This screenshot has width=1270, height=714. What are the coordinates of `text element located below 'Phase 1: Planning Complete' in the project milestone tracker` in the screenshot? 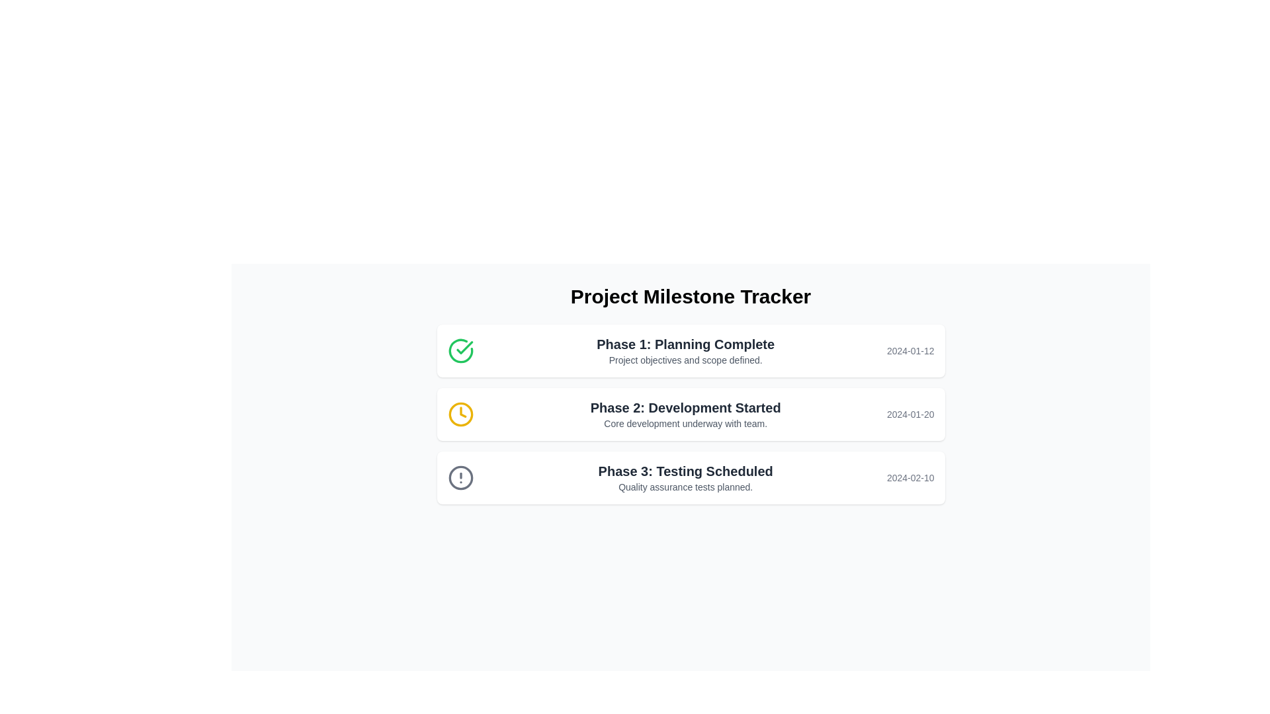 It's located at (685, 360).